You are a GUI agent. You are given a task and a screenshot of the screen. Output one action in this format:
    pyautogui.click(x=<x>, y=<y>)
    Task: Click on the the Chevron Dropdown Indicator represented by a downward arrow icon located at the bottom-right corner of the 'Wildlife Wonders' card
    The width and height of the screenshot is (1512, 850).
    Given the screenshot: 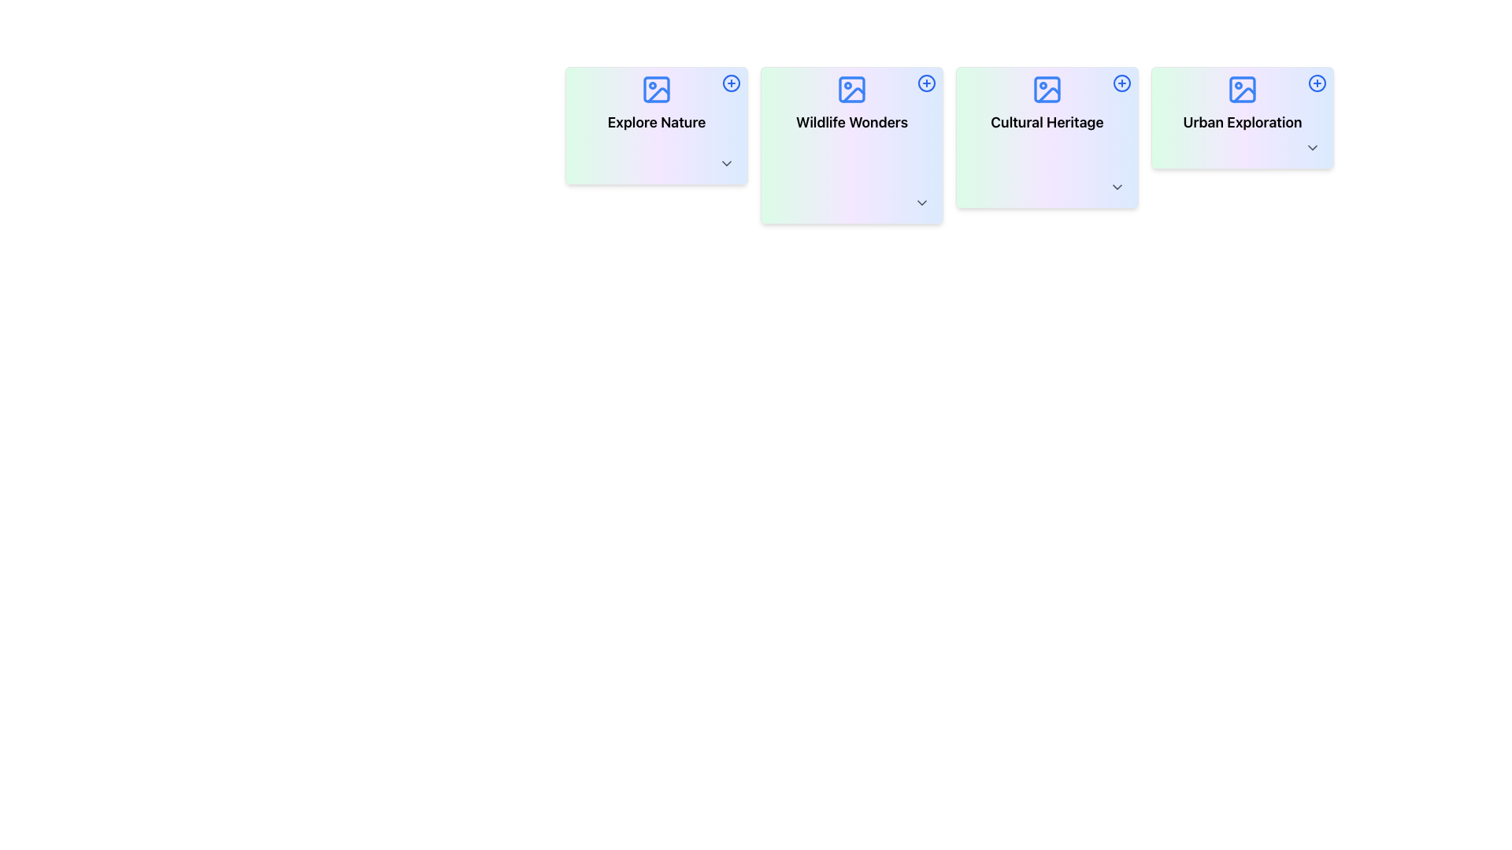 What is the action you would take?
    pyautogui.click(x=922, y=202)
    